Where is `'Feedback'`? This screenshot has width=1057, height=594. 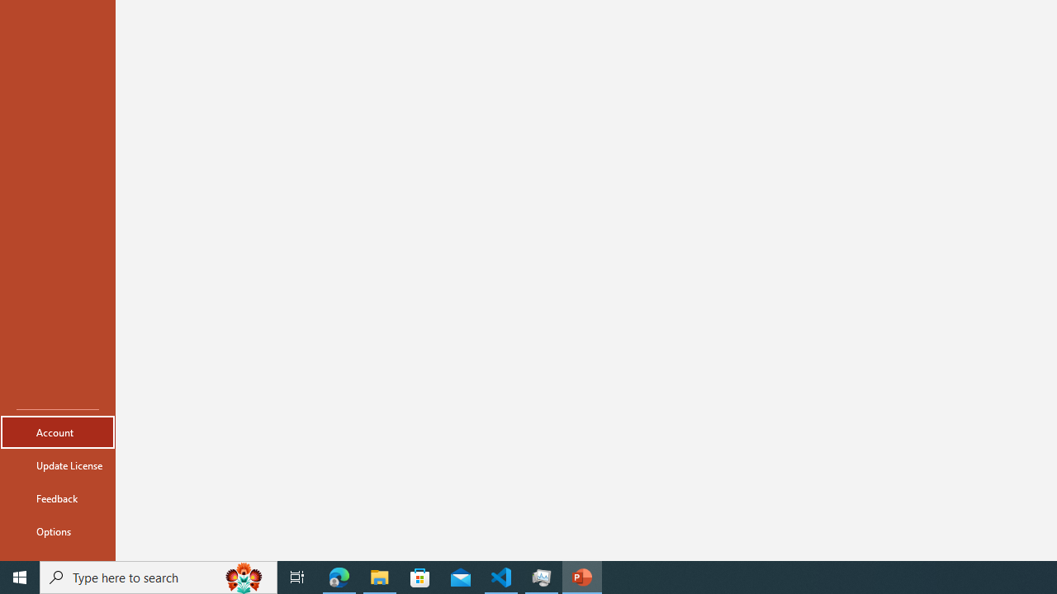
'Feedback' is located at coordinates (57, 497).